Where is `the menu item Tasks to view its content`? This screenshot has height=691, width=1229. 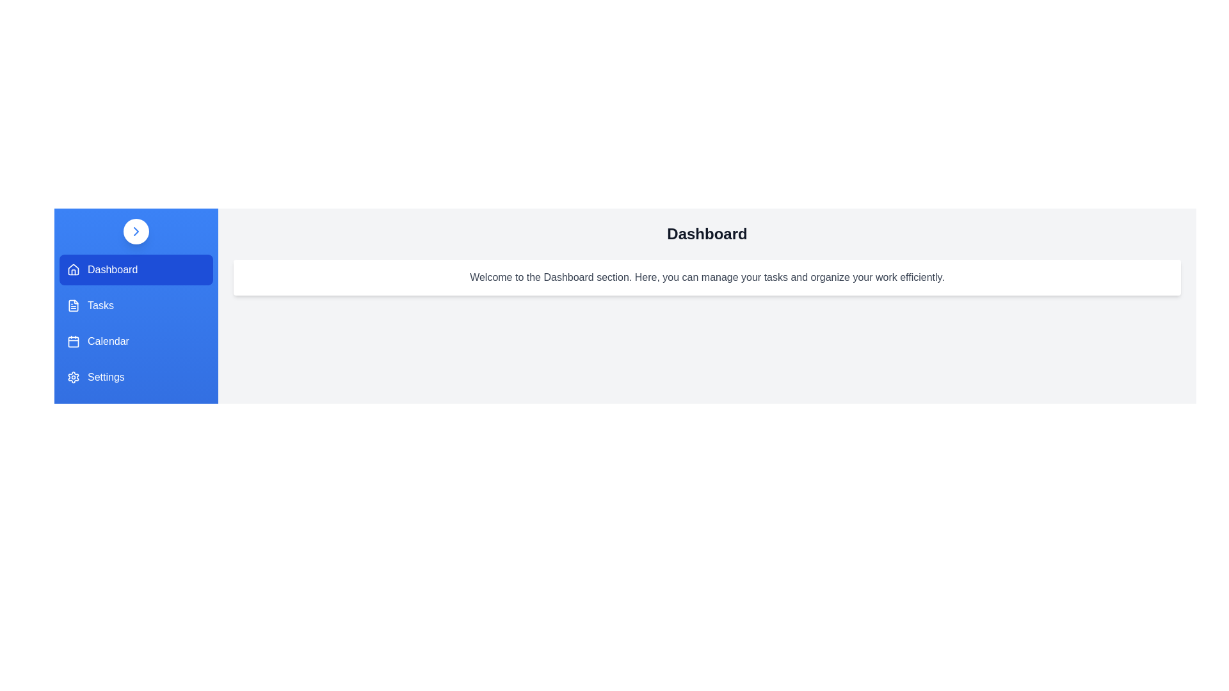
the menu item Tasks to view its content is located at coordinates (136, 306).